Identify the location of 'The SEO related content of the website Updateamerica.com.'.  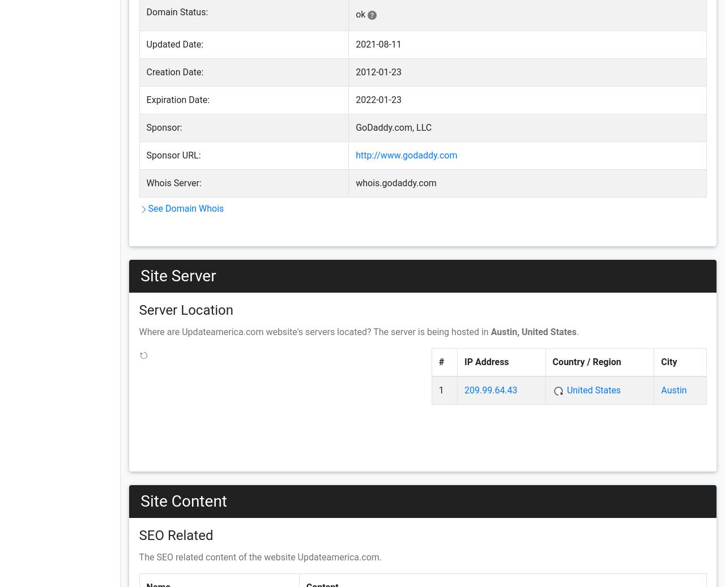
(259, 557).